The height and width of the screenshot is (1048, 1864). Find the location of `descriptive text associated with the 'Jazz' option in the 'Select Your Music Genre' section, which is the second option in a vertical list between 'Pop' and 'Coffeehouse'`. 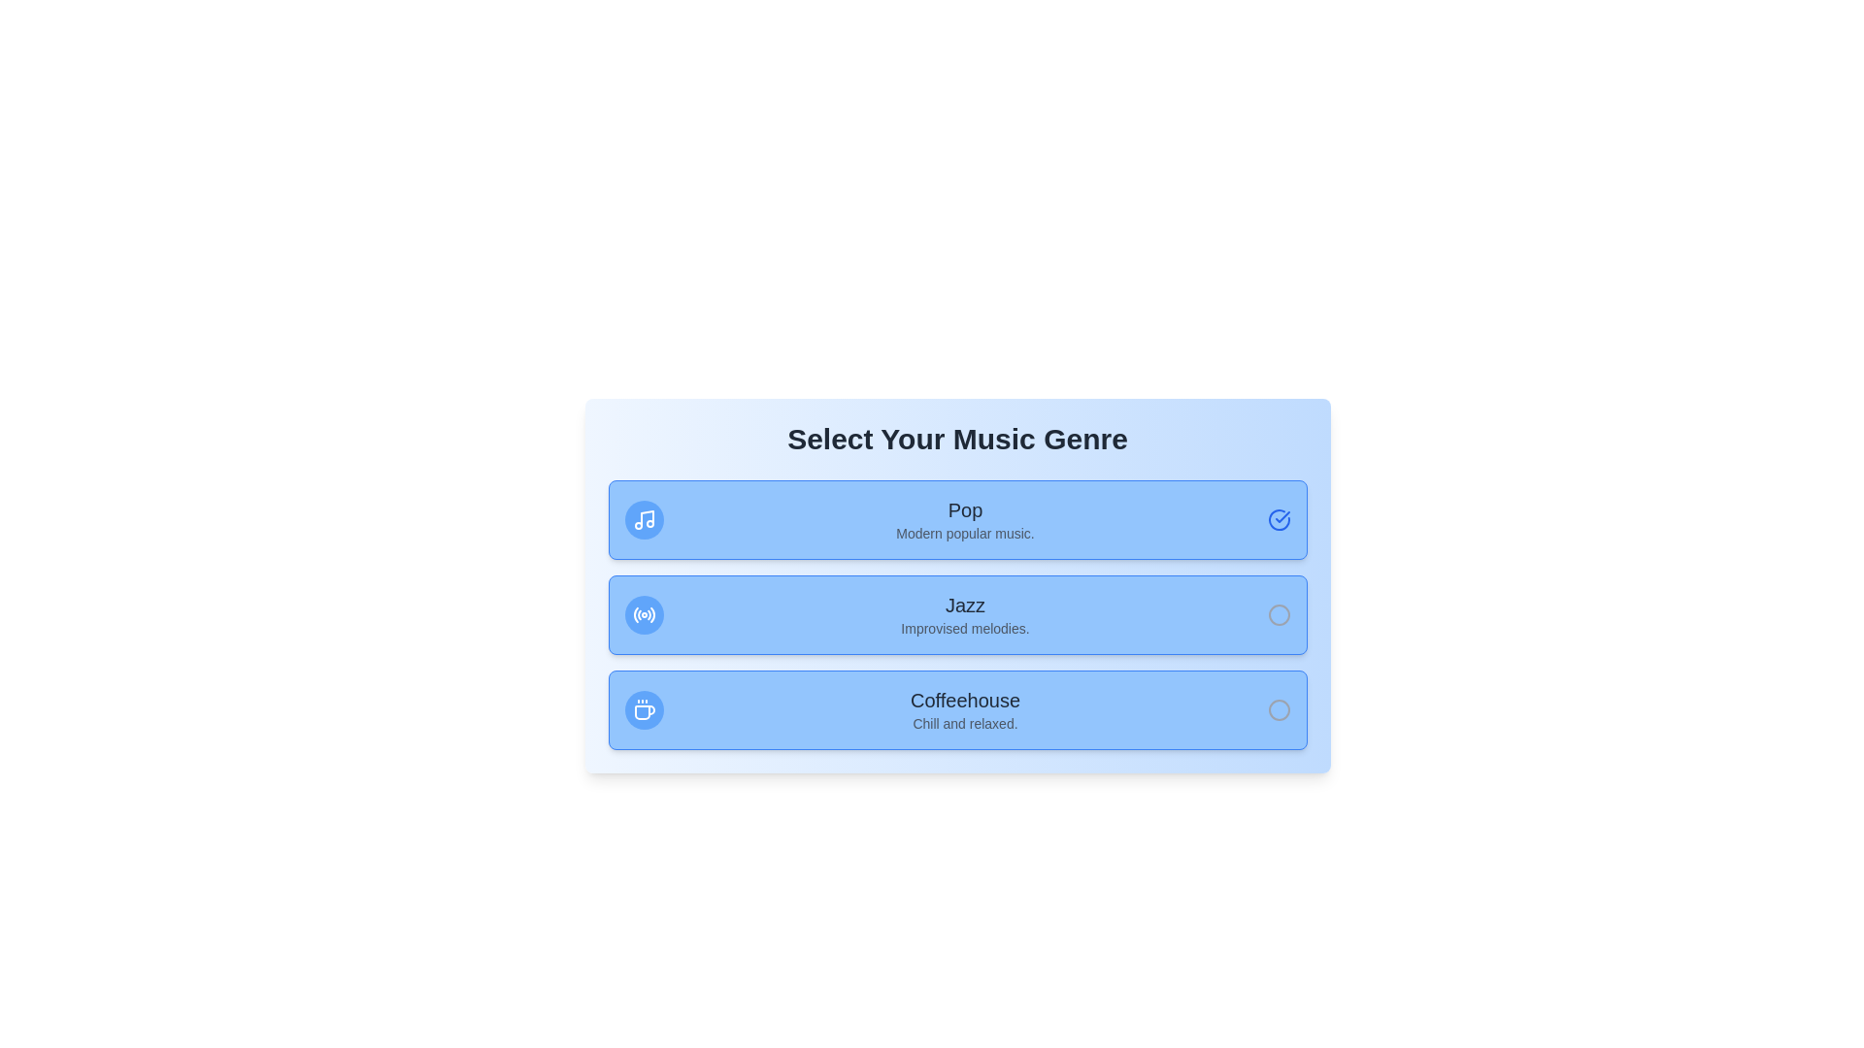

descriptive text associated with the 'Jazz' option in the 'Select Your Music Genre' section, which is the second option in a vertical list between 'Pop' and 'Coffeehouse' is located at coordinates (957, 585).